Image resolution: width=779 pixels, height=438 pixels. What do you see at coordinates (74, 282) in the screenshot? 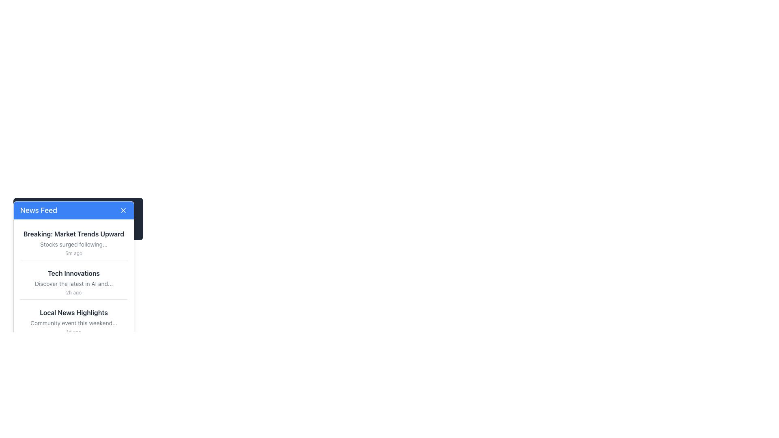
I see `the list item titled 'Tech Innovations'` at bounding box center [74, 282].